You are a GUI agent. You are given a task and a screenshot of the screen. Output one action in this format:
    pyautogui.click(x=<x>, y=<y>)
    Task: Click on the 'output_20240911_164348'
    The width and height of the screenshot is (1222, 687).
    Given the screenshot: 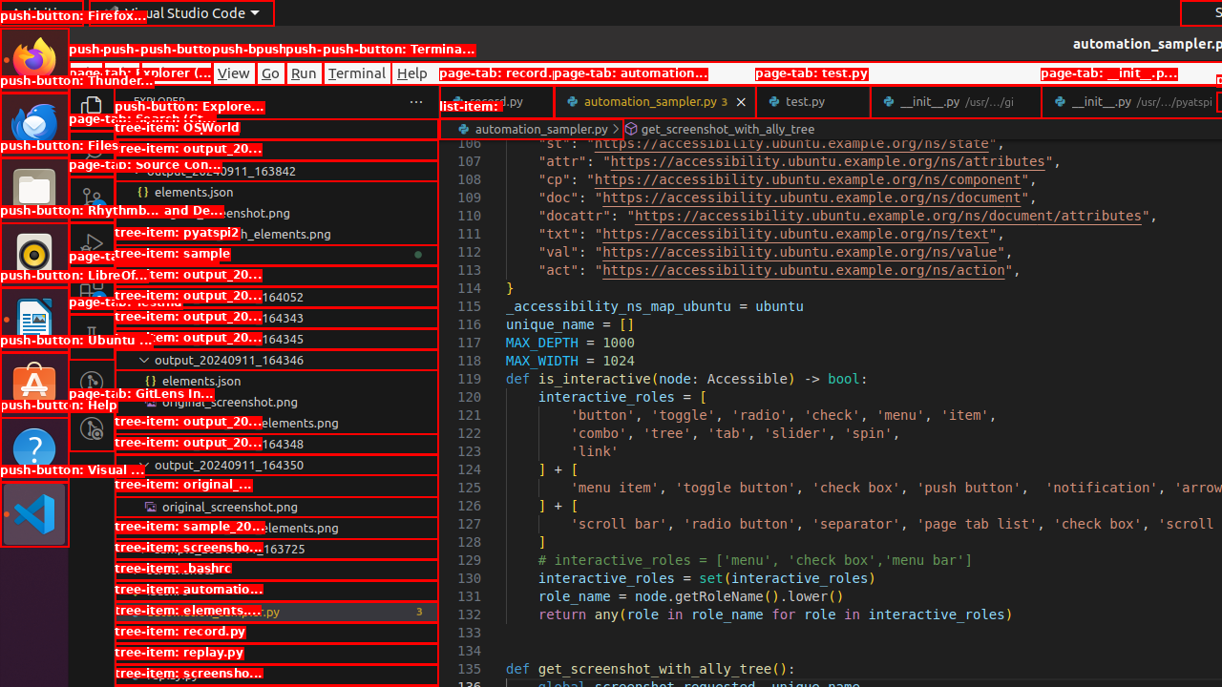 What is the action you would take?
    pyautogui.click(x=275, y=443)
    